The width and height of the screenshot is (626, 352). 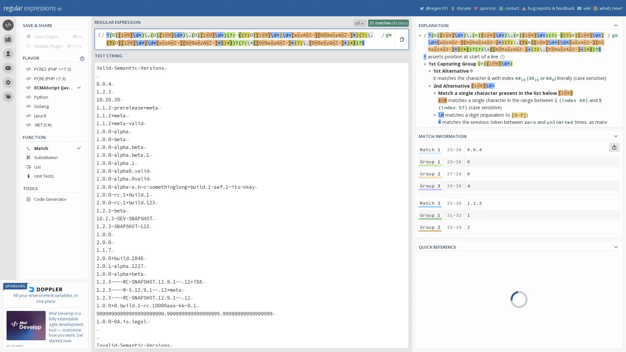 What do you see at coordinates (431, 152) in the screenshot?
I see `Collapse Subtree` at bounding box center [431, 152].